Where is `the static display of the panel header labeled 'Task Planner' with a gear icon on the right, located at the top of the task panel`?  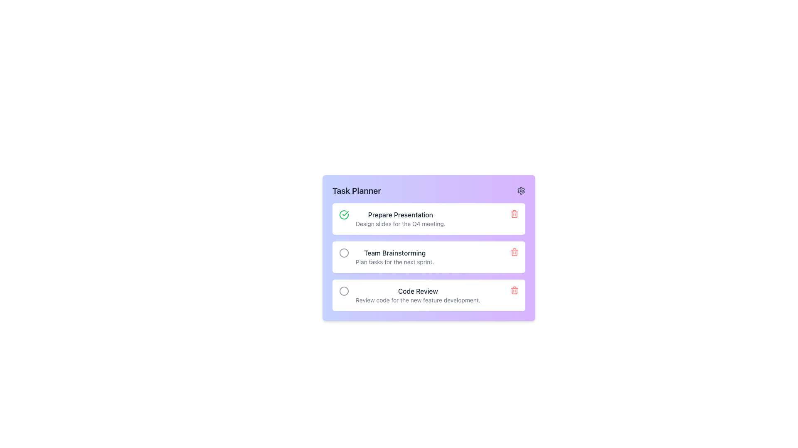
the static display of the panel header labeled 'Task Planner' with a gear icon on the right, located at the top of the task panel is located at coordinates (429, 190).